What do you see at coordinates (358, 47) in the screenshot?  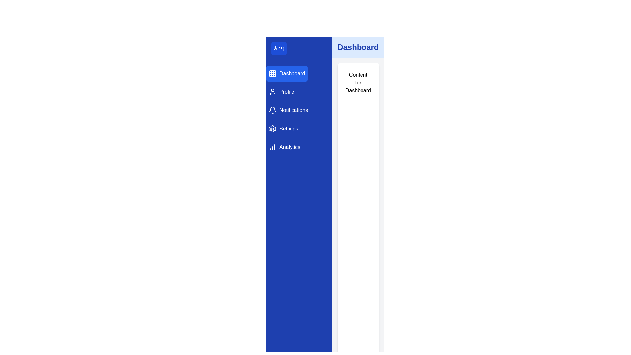 I see `the textual header displaying 'Dashboard' in bold, large-sized font with blue color on a light blue background, located in the top-right section above the content area labeled 'Content for Dashboard'` at bounding box center [358, 47].